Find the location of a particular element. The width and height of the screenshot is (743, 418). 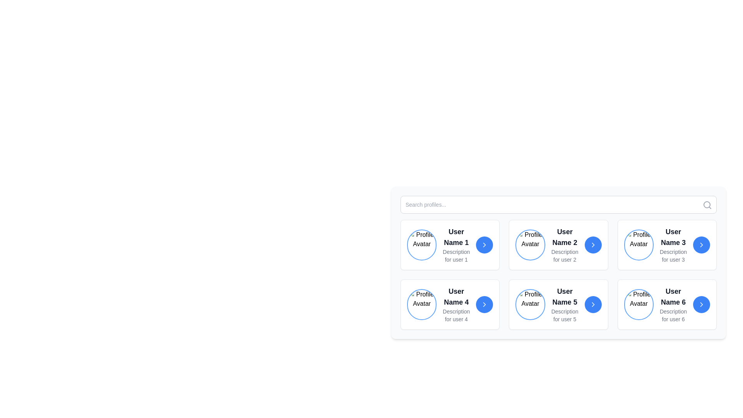

the circular blue button with a right-pointing chevron icon located at the bottom-right corner of the 'User Name 2 Description for user 2' card is located at coordinates (592, 245).